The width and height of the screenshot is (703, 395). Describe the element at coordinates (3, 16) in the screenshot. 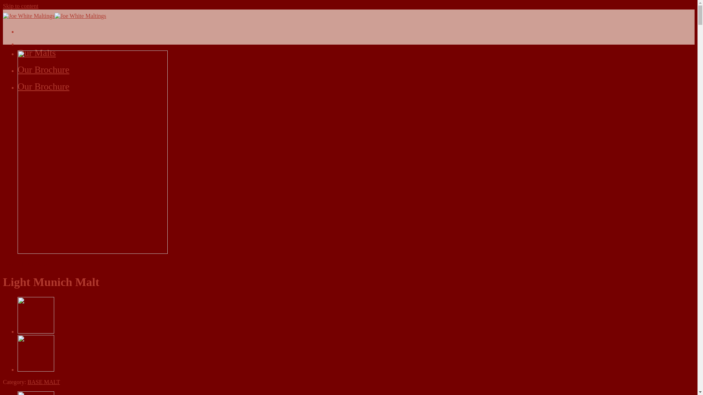

I see `'Joe White Maltings - Australian Maltsters Since 1858'` at that location.